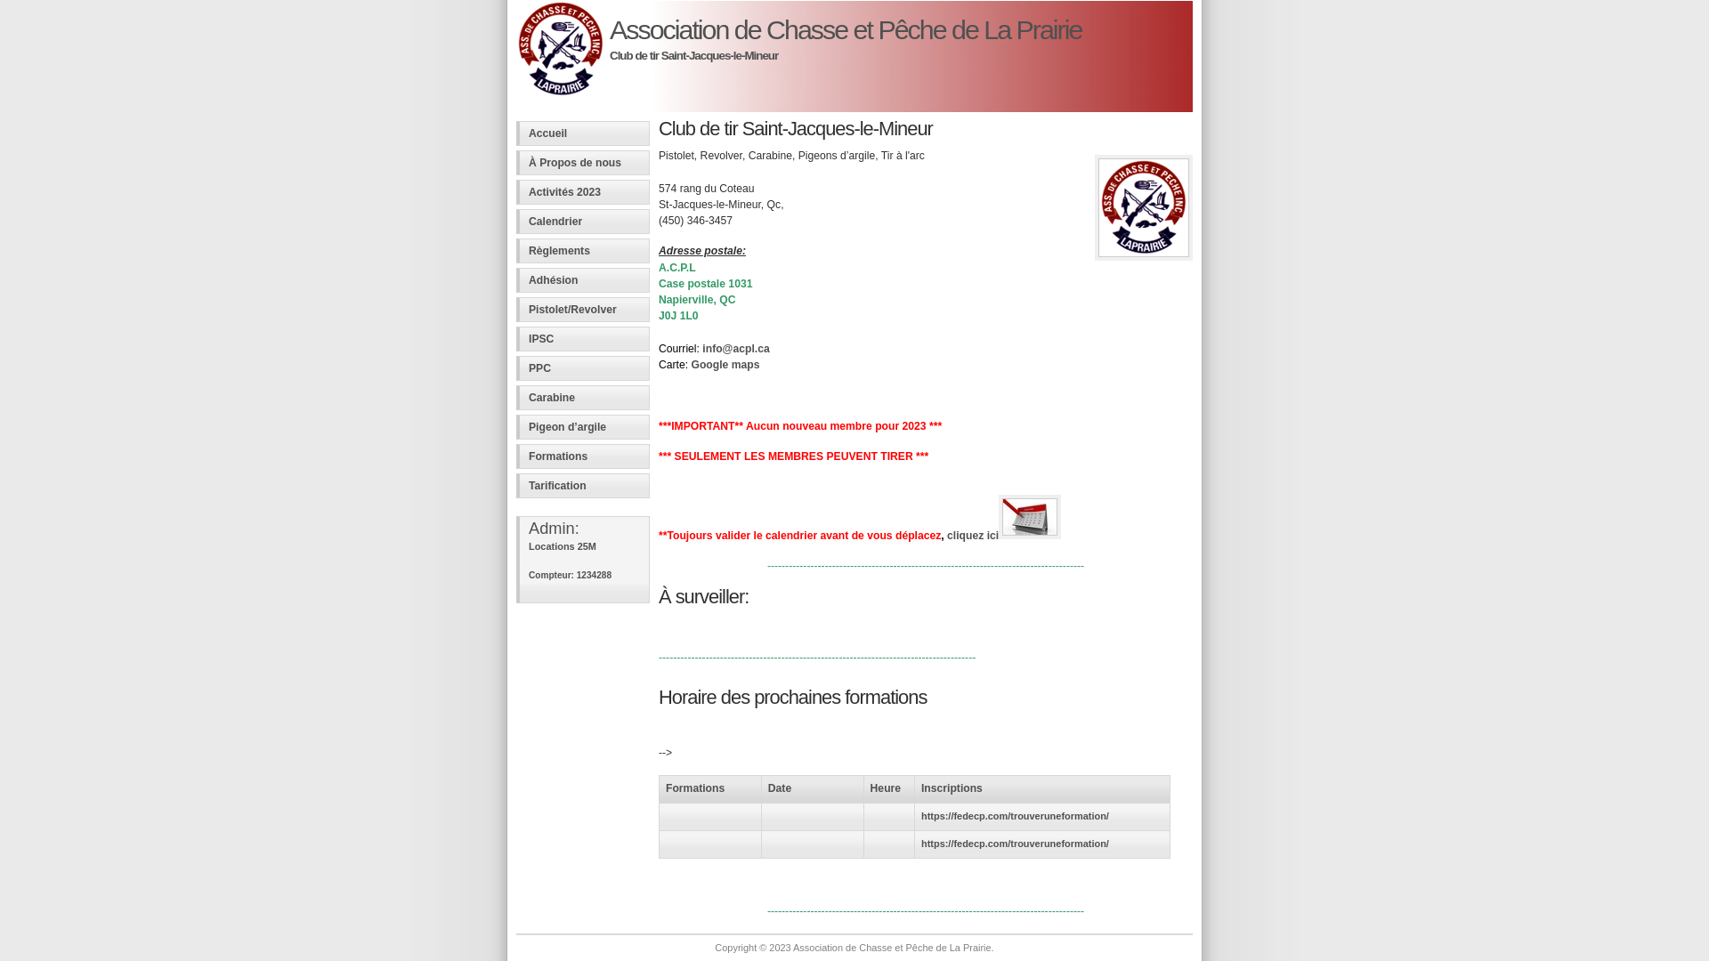 The image size is (1709, 961). What do you see at coordinates (582, 397) in the screenshot?
I see `'Carabine'` at bounding box center [582, 397].